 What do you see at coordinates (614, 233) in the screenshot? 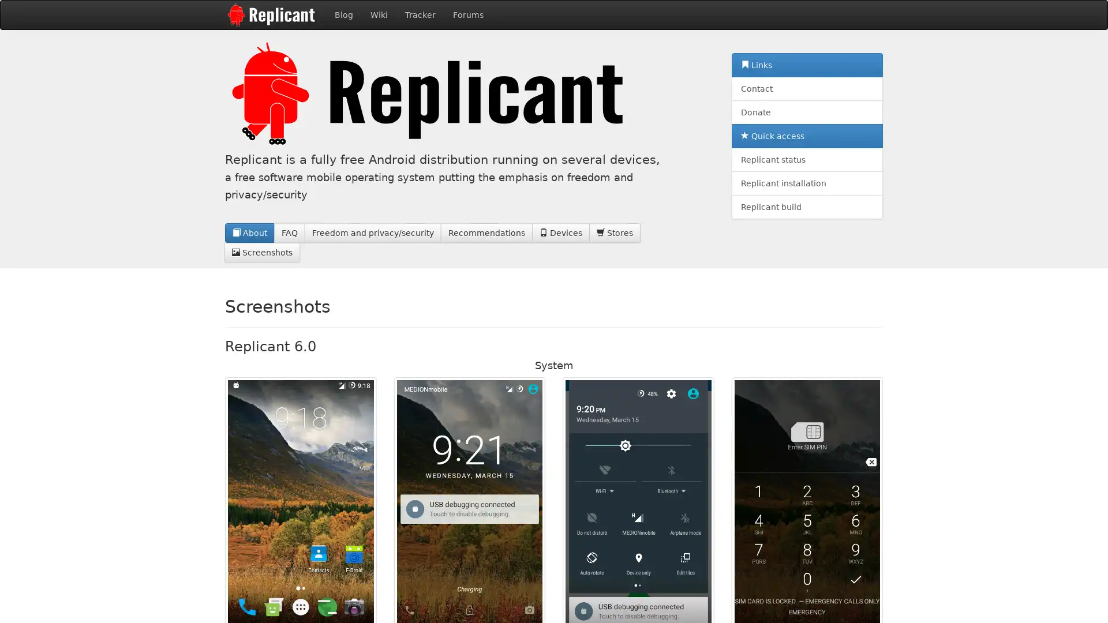
I see `Stores` at bounding box center [614, 233].